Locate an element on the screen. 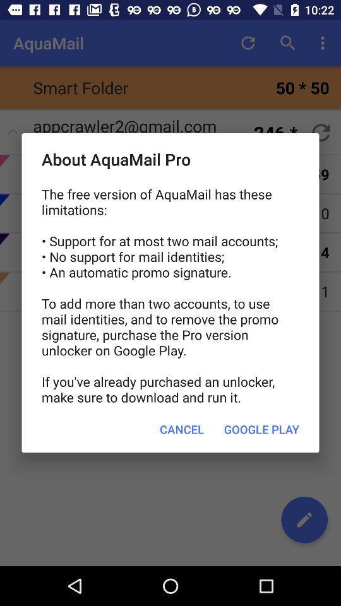 This screenshot has width=341, height=606. icon at the bottom right corner is located at coordinates (261, 429).